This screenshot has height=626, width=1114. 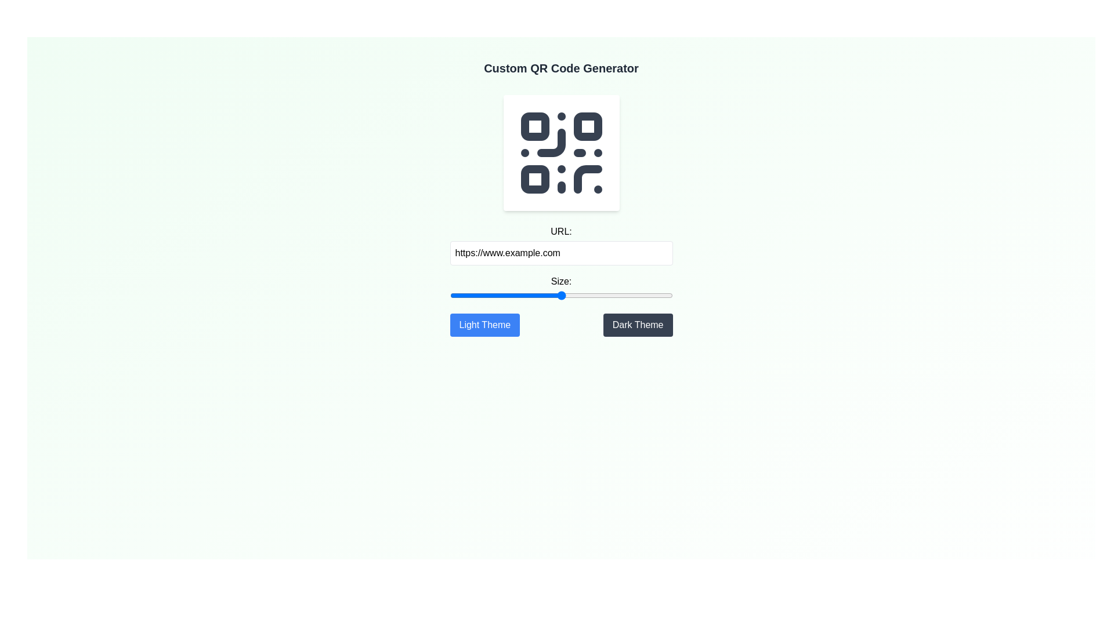 What do you see at coordinates (523, 294) in the screenshot?
I see `the slider value` at bounding box center [523, 294].